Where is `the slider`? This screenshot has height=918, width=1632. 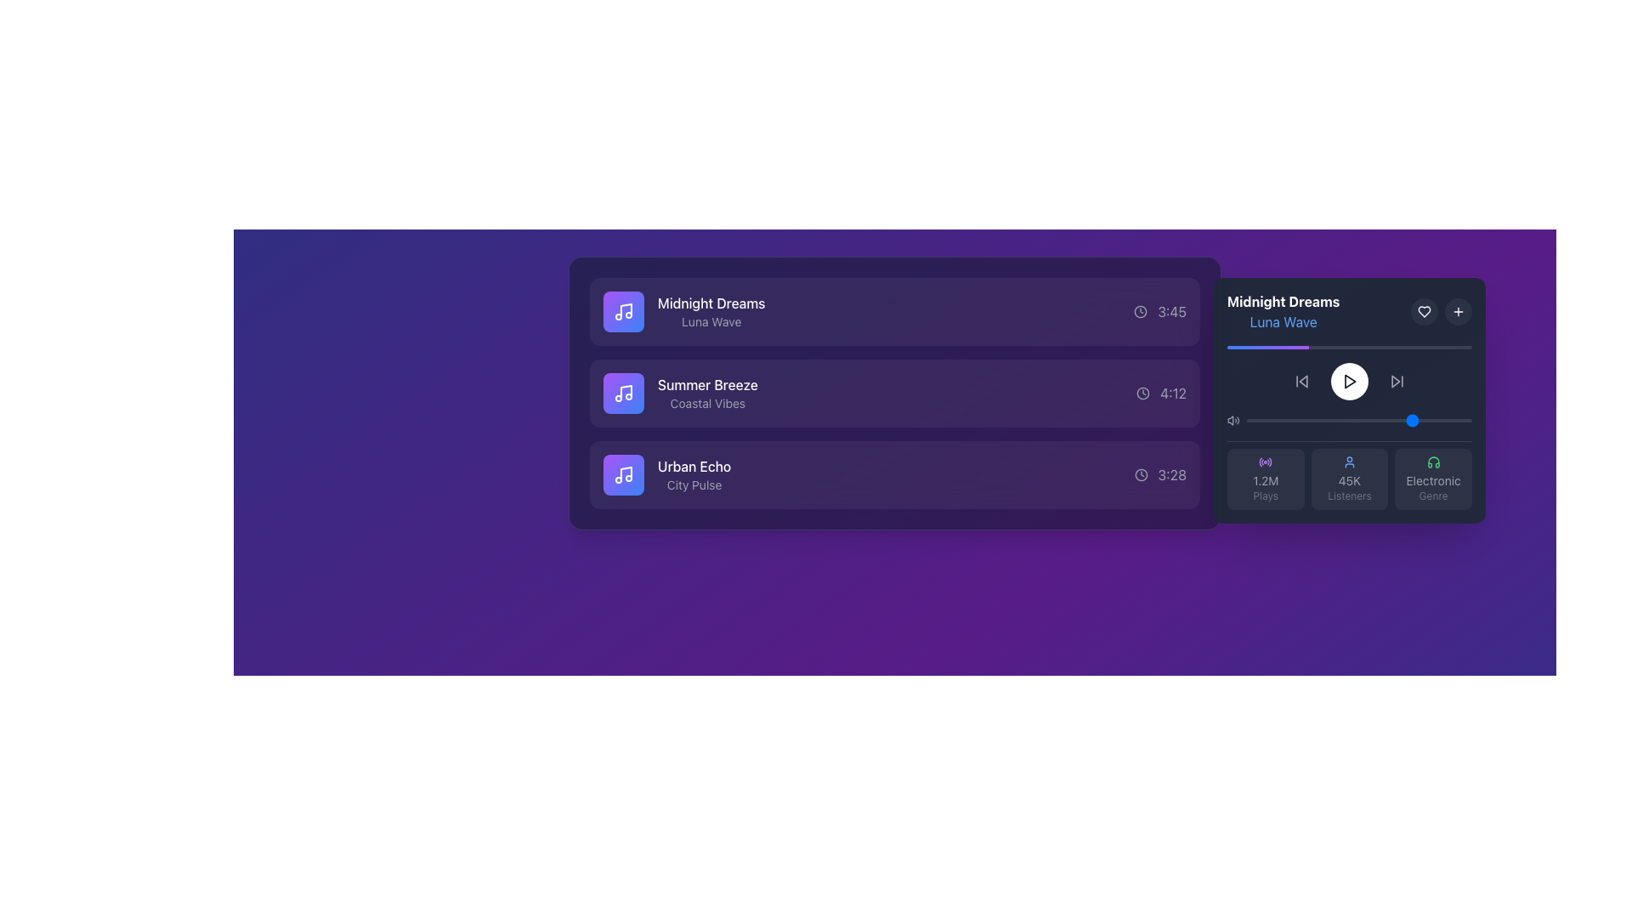 the slider is located at coordinates (1418, 420).